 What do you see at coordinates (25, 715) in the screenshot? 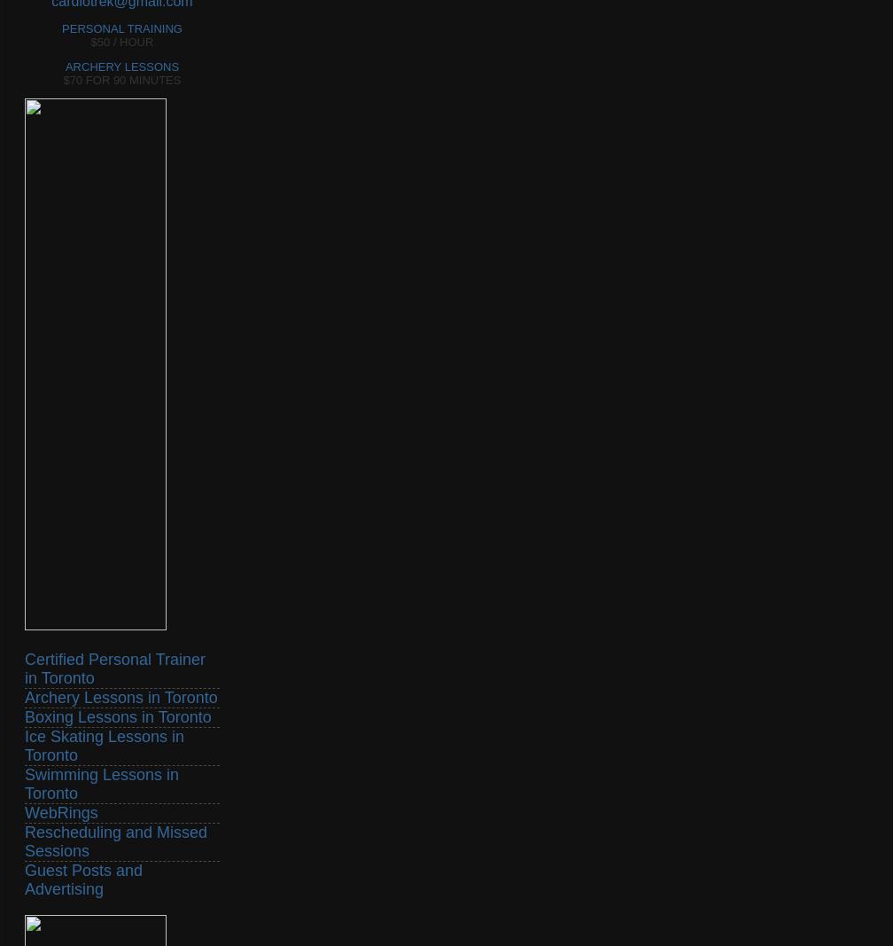
I see `'Boxing Lessons in Toronto'` at bounding box center [25, 715].